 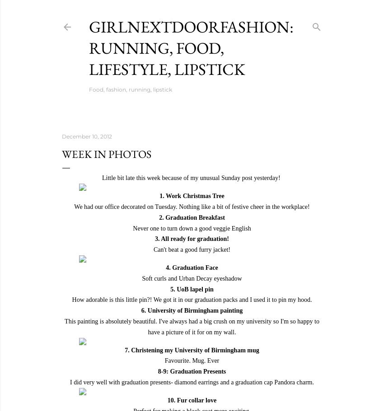 I want to click on '2. Graduation Breakfast', so click(x=192, y=217).